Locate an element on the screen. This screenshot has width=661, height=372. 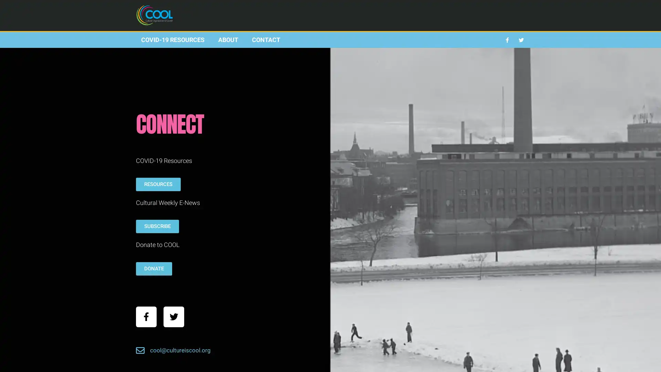
DONATE is located at coordinates (154, 268).